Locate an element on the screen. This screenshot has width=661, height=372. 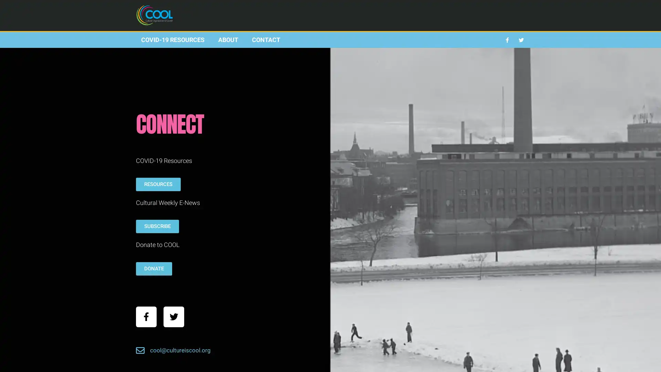
DONATE is located at coordinates (154, 268).